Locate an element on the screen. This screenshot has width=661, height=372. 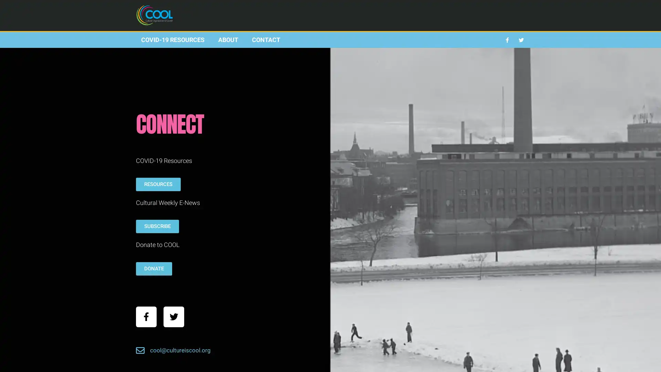
DONATE is located at coordinates (154, 268).